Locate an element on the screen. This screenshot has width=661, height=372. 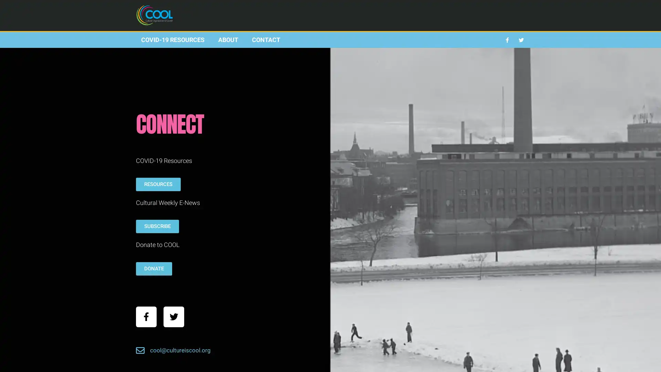
DONATE is located at coordinates (154, 268).